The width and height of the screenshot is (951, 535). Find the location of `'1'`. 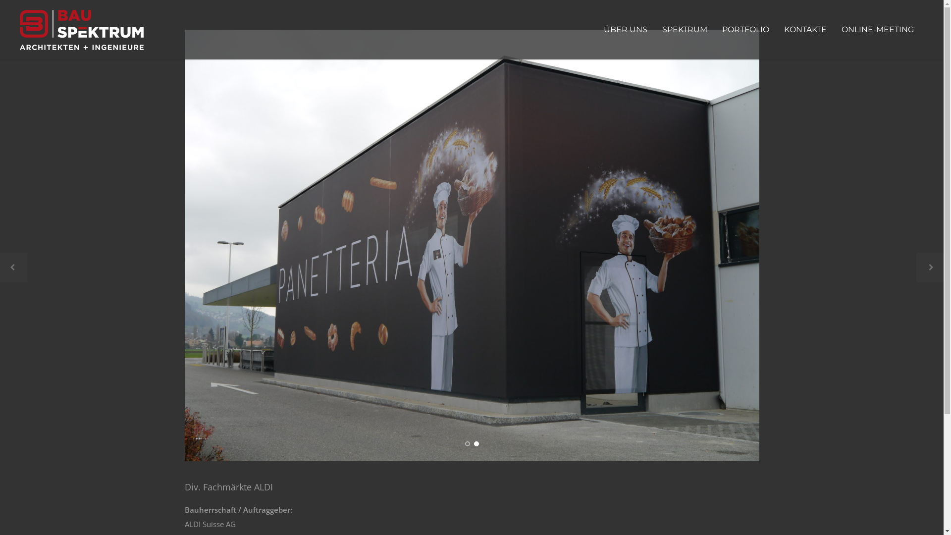

'1' is located at coordinates (466, 443).